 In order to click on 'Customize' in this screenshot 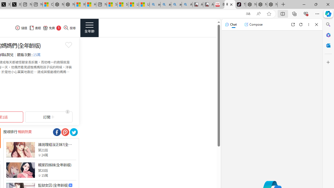, I will do `click(328, 62)`.